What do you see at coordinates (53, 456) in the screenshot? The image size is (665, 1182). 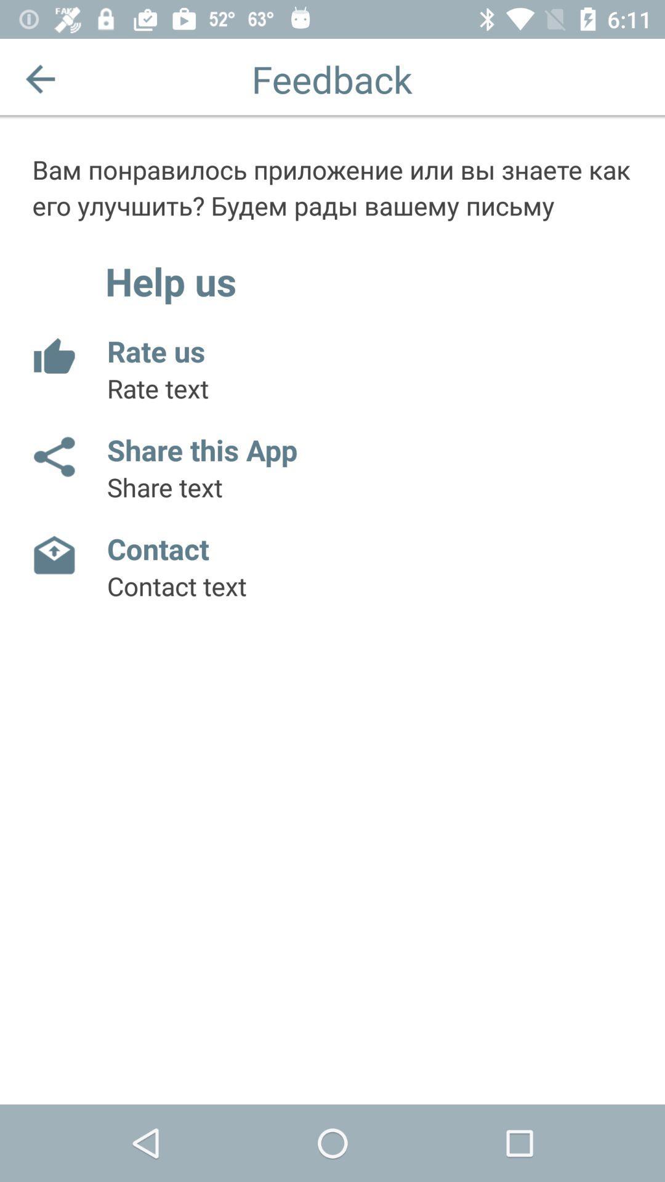 I see `share this app` at bounding box center [53, 456].